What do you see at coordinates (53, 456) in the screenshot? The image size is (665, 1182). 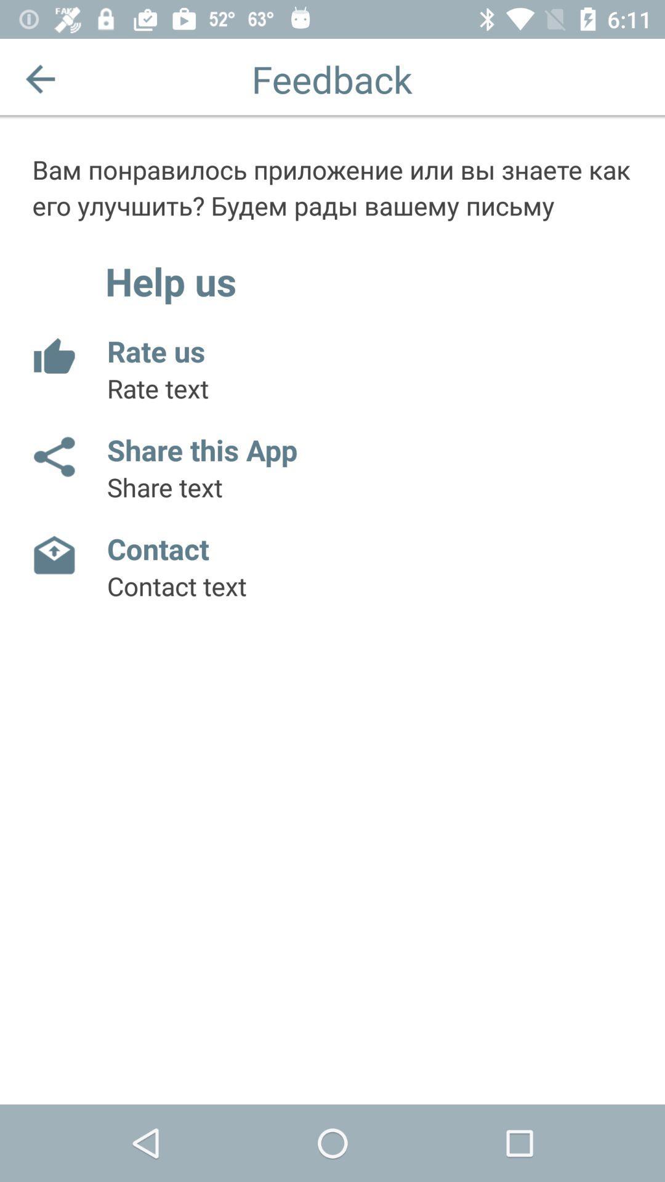 I see `share this app` at bounding box center [53, 456].